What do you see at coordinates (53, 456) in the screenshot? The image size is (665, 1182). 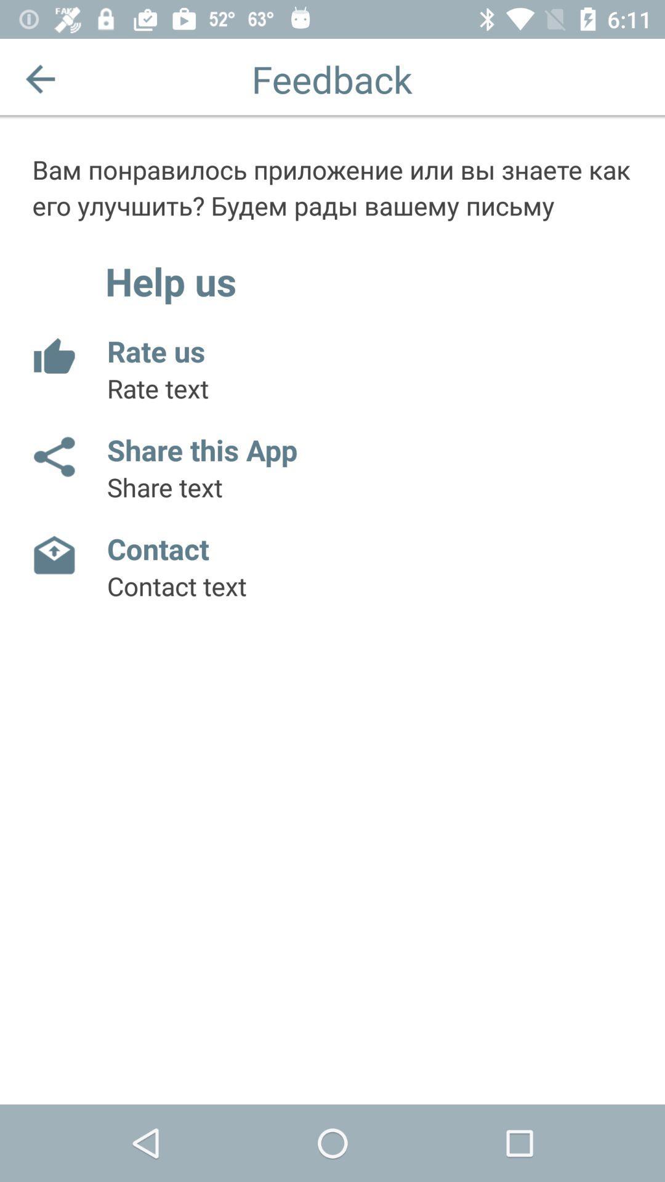 I see `share this app` at bounding box center [53, 456].